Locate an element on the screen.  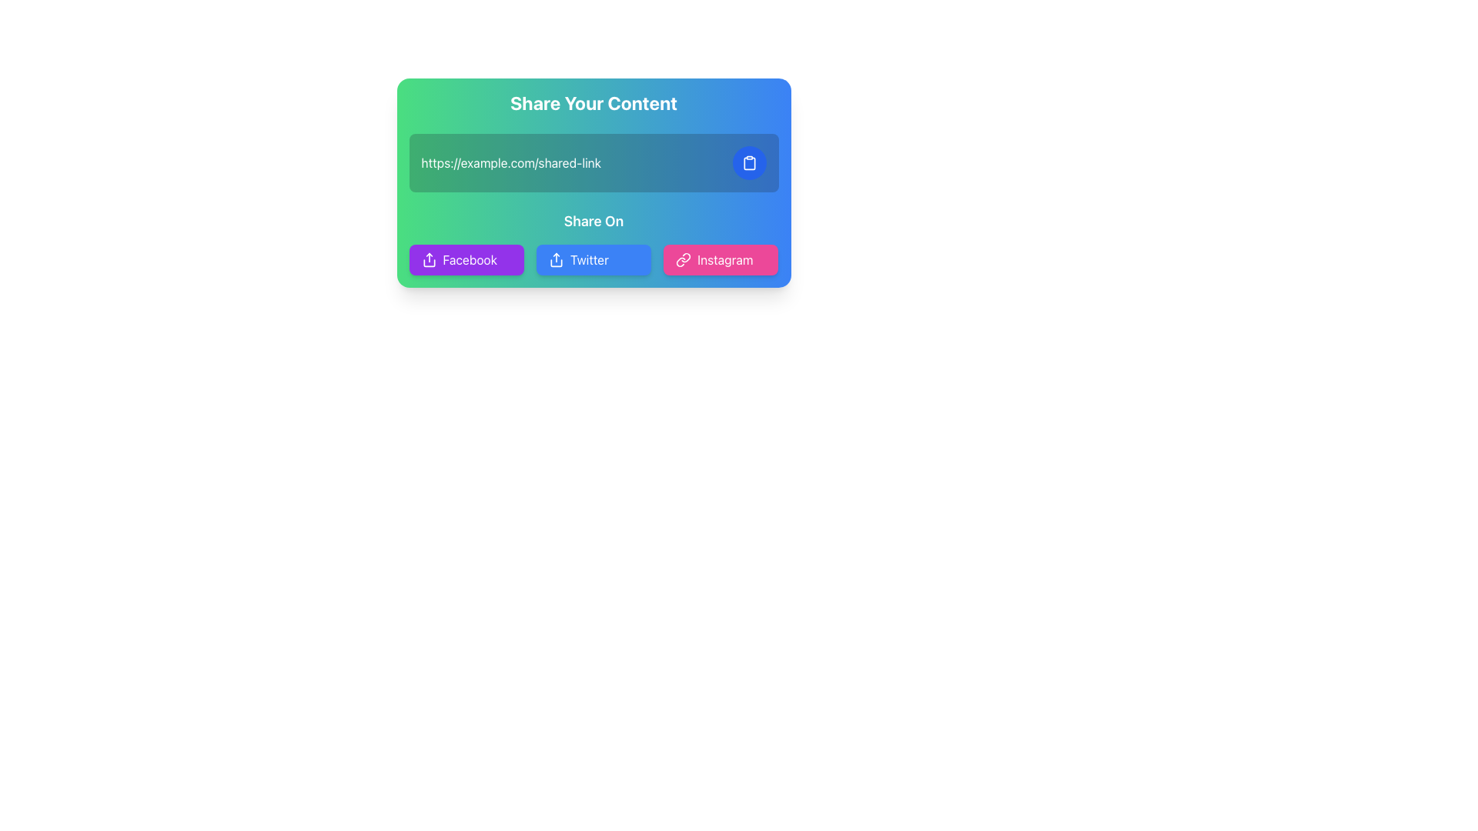
the circular blue button with a clipboard icon to copy the adjacent URL is located at coordinates (749, 163).